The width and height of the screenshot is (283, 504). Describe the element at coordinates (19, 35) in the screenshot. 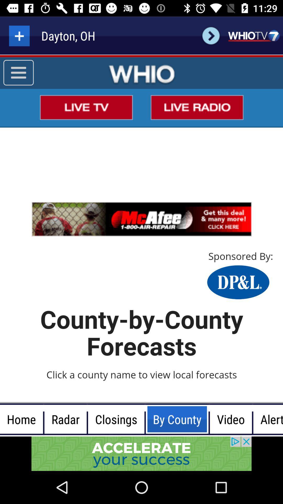

I see `the add icon` at that location.